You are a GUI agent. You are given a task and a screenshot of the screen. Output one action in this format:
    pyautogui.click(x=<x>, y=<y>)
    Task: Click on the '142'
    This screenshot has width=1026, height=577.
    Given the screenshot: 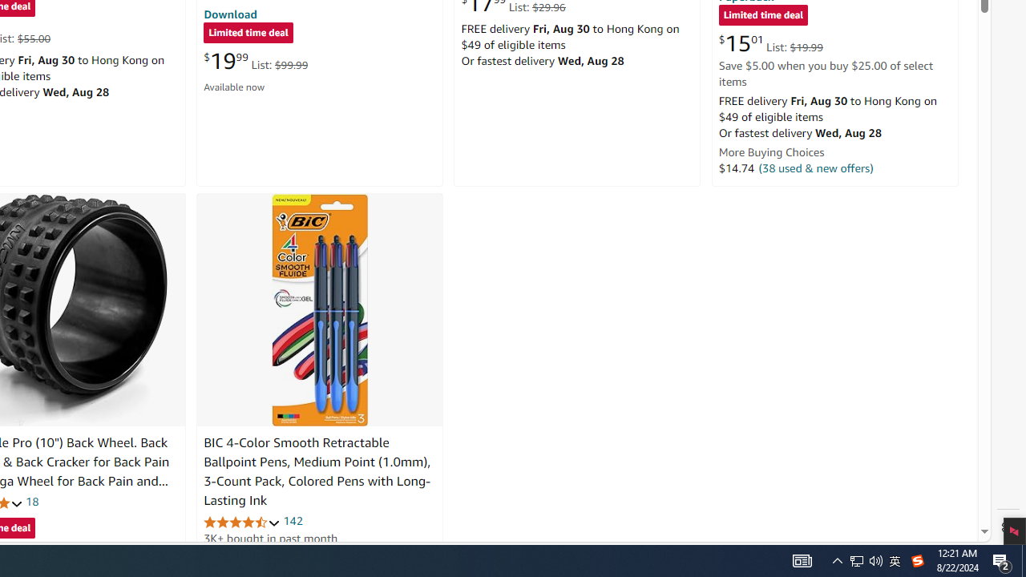 What is the action you would take?
    pyautogui.click(x=293, y=521)
    